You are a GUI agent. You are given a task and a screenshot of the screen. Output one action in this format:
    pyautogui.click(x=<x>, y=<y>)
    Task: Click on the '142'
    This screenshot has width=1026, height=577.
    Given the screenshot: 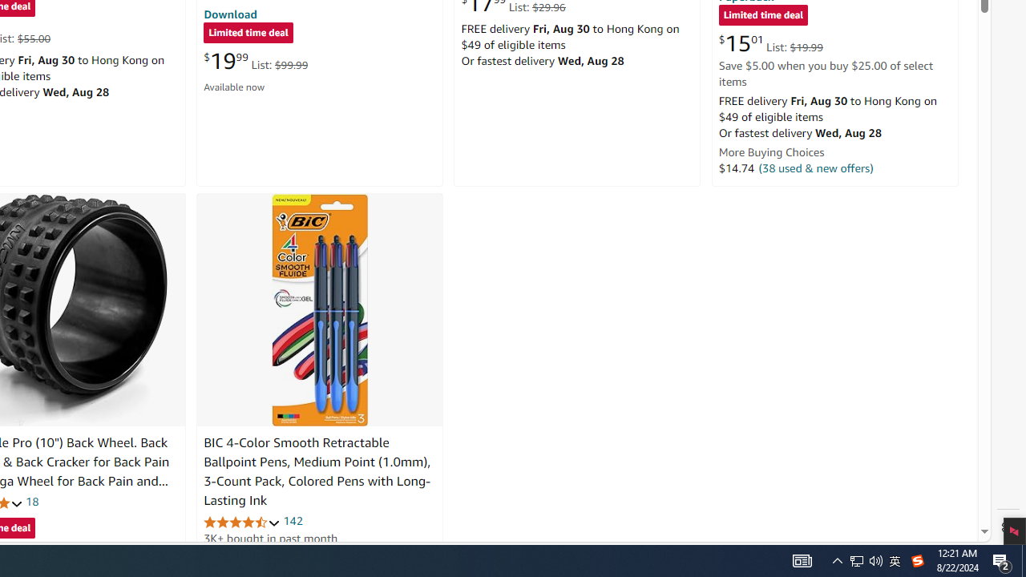 What is the action you would take?
    pyautogui.click(x=293, y=521)
    